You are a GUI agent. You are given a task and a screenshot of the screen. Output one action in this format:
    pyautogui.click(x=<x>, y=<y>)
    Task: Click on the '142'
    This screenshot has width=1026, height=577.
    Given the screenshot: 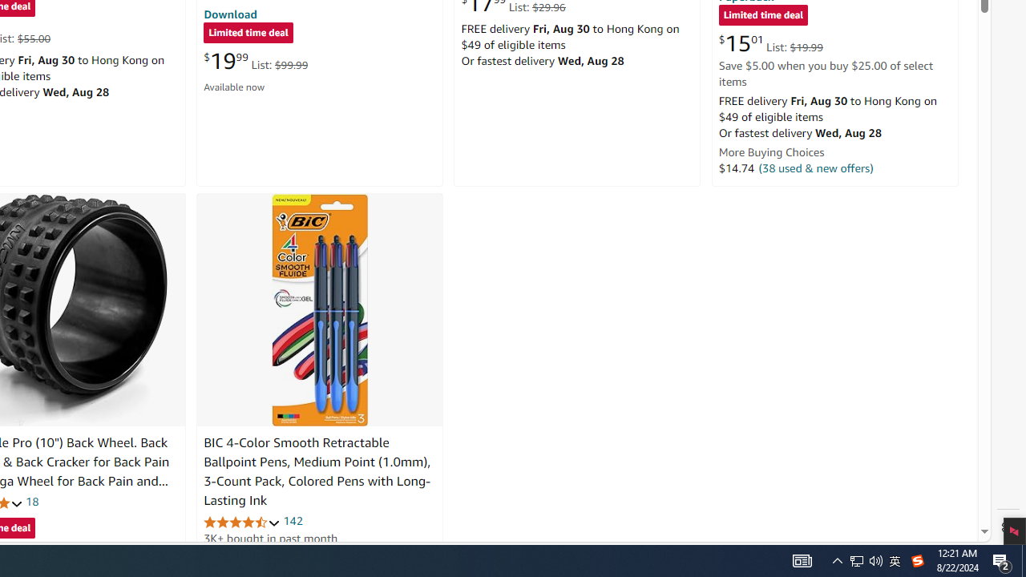 What is the action you would take?
    pyautogui.click(x=293, y=521)
    